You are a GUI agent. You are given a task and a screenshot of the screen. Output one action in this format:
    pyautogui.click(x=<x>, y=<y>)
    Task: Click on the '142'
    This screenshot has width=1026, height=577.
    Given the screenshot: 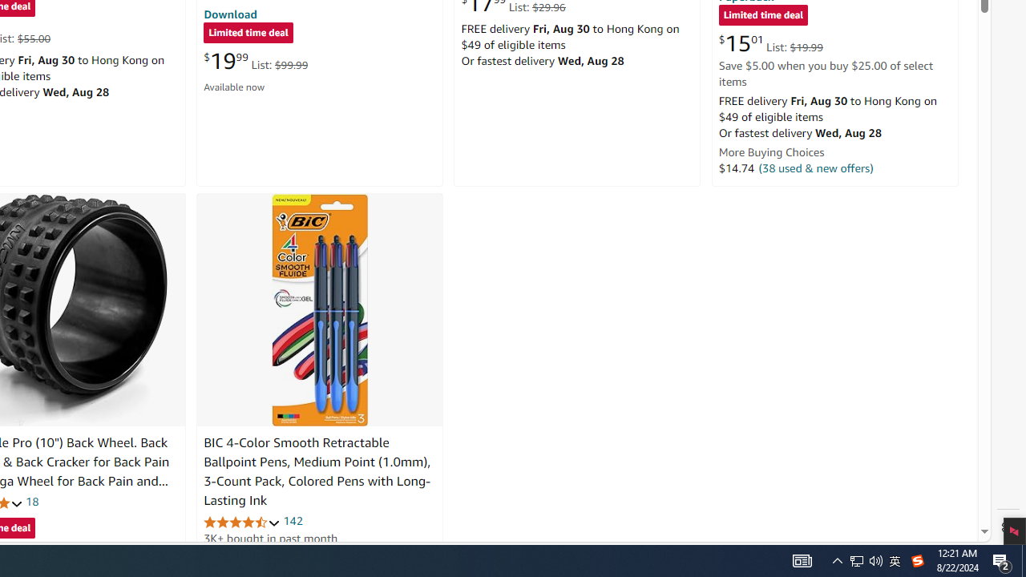 What is the action you would take?
    pyautogui.click(x=293, y=521)
    